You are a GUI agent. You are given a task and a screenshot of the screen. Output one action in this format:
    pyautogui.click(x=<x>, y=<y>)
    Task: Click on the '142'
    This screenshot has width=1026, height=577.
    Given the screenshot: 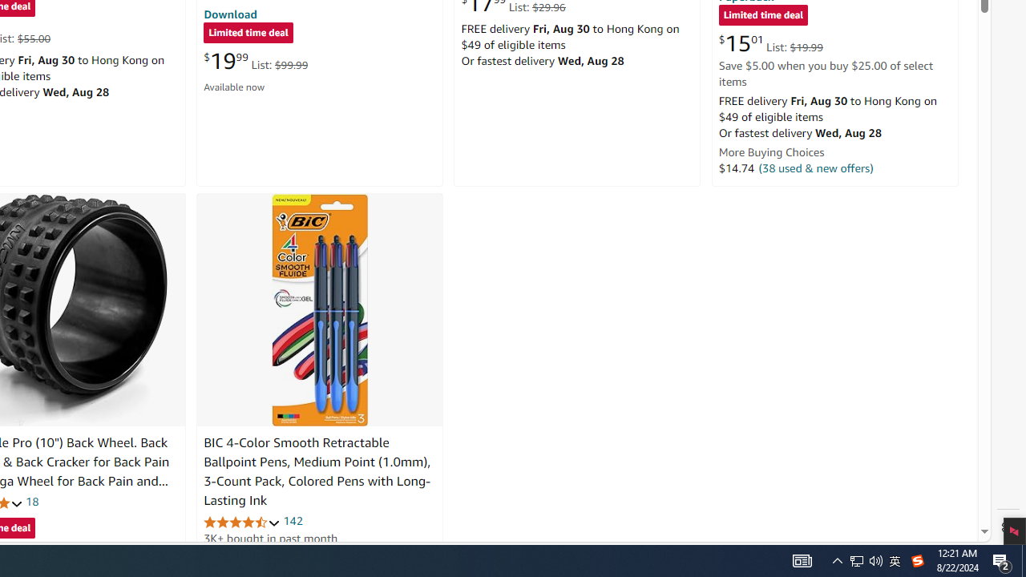 What is the action you would take?
    pyautogui.click(x=293, y=521)
    